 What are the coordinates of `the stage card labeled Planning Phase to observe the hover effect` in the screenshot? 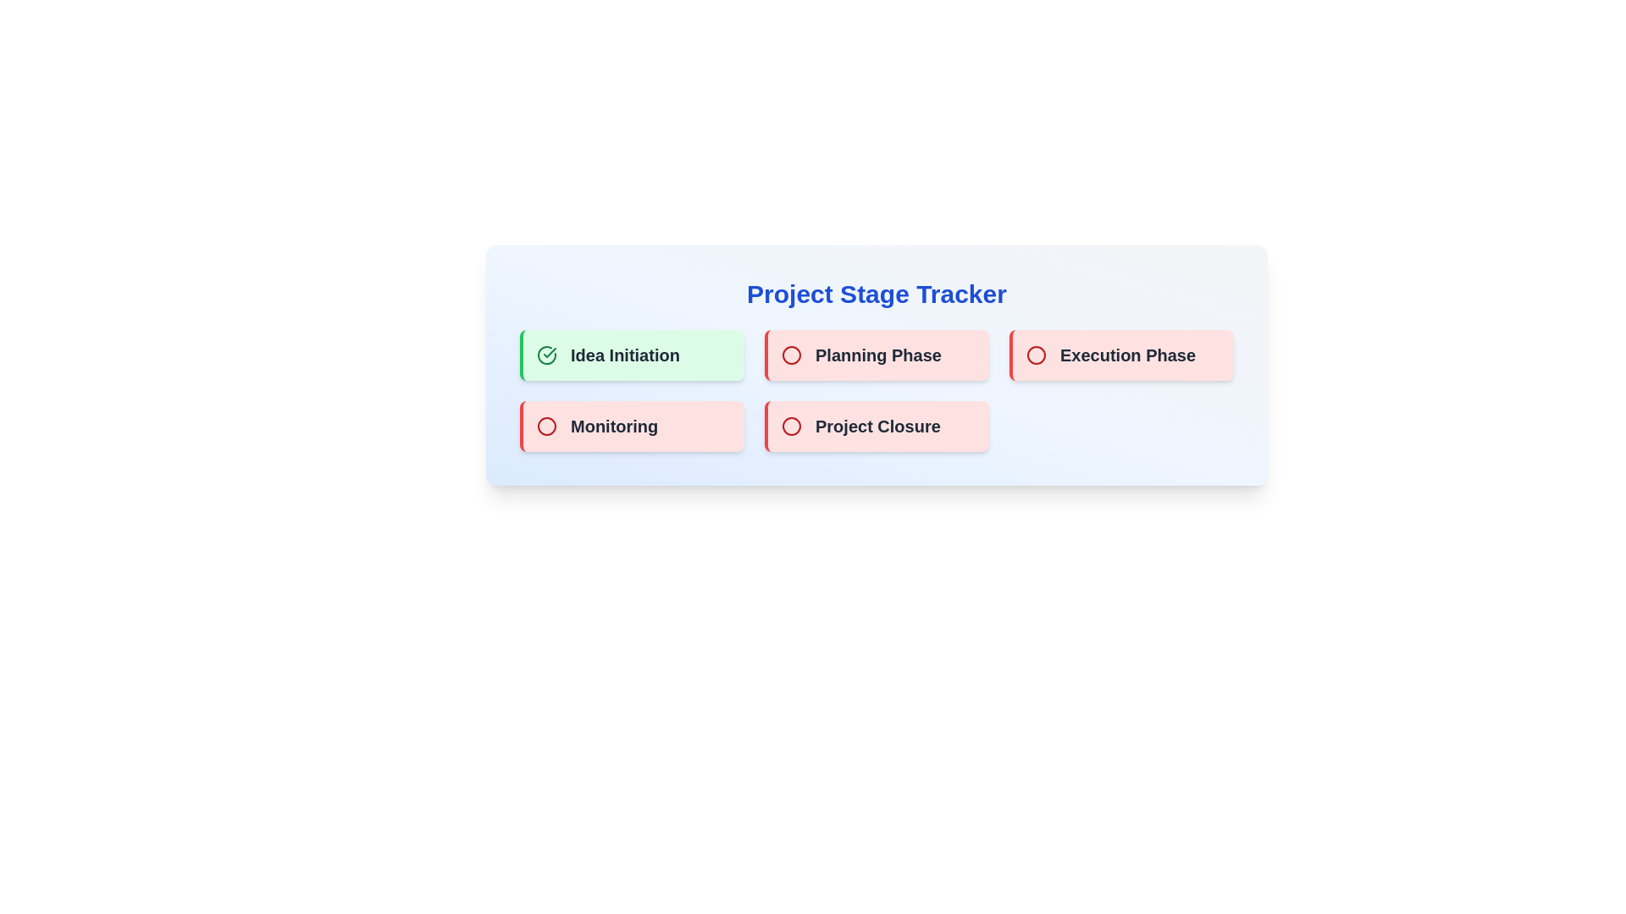 It's located at (877, 355).